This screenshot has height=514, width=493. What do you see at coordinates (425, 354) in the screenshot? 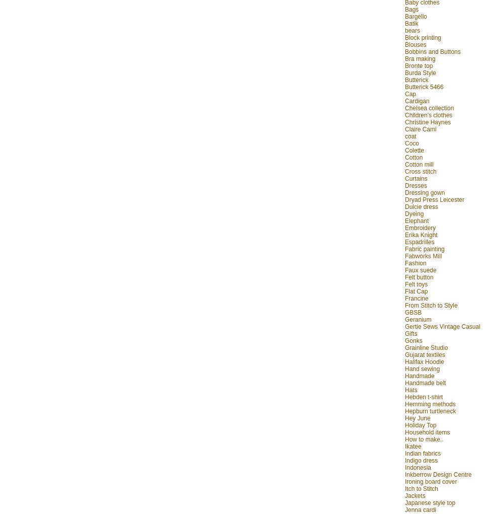
I see `'Gujarat textiles'` at bounding box center [425, 354].